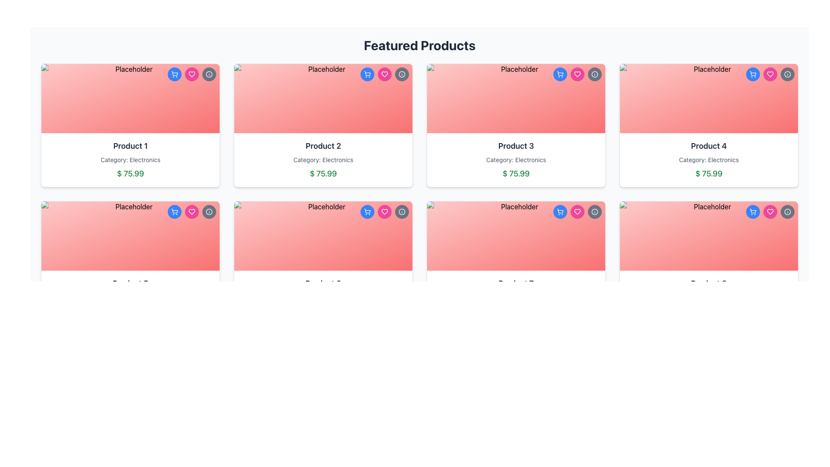  What do you see at coordinates (192, 74) in the screenshot?
I see `the heart icon button located in the top-right corner of the 'Product 1' card to favorite the item` at bounding box center [192, 74].